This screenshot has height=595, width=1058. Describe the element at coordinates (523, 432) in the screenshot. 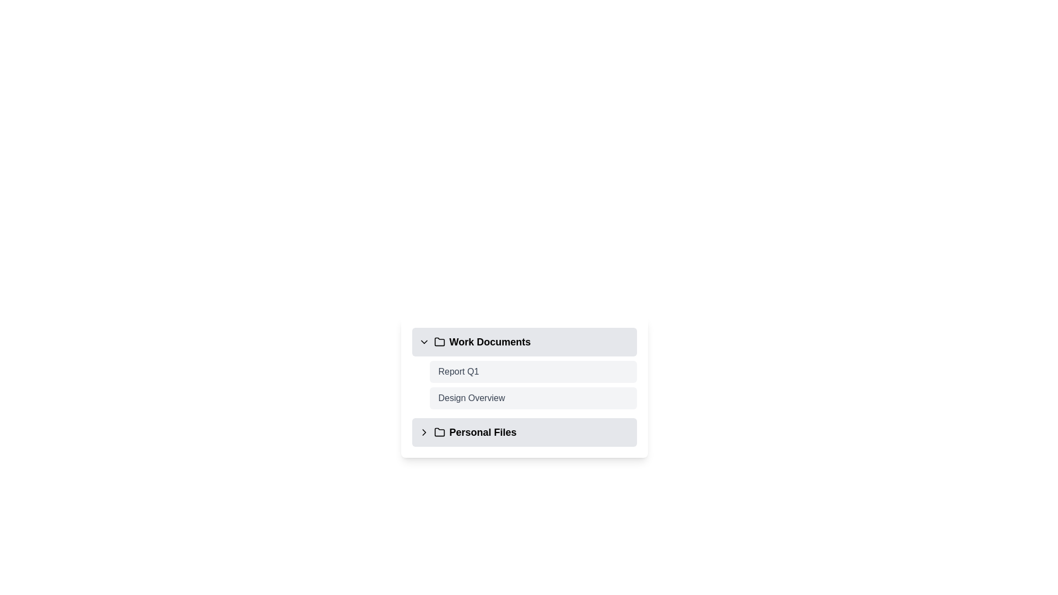

I see `the 'Personal Files' button located at the bottom of the file list` at that location.